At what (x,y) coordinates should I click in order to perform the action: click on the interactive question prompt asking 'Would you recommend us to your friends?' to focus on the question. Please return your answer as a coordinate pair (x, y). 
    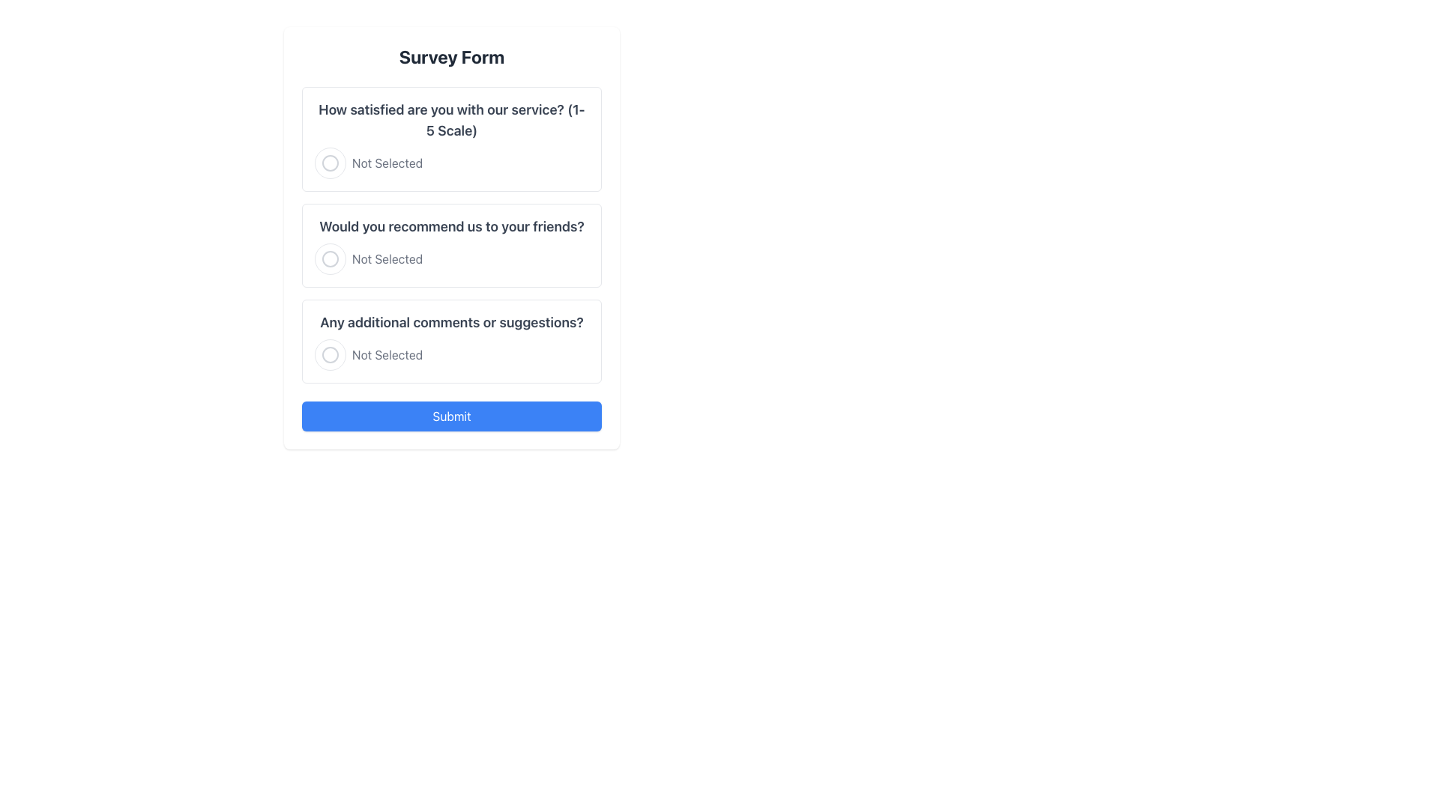
    Looking at the image, I should click on (451, 244).